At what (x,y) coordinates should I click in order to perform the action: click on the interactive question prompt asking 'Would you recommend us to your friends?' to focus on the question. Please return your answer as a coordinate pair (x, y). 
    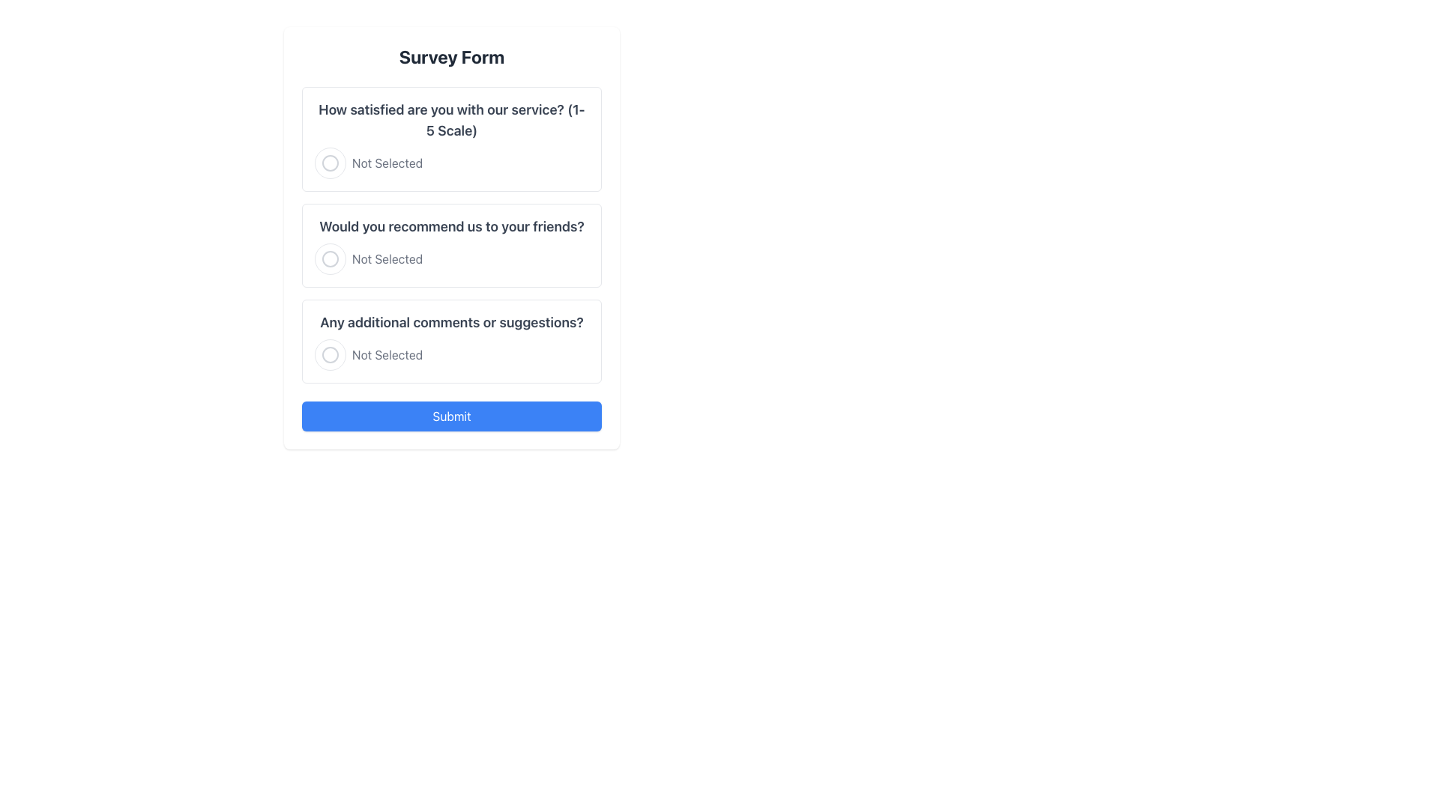
    Looking at the image, I should click on (451, 244).